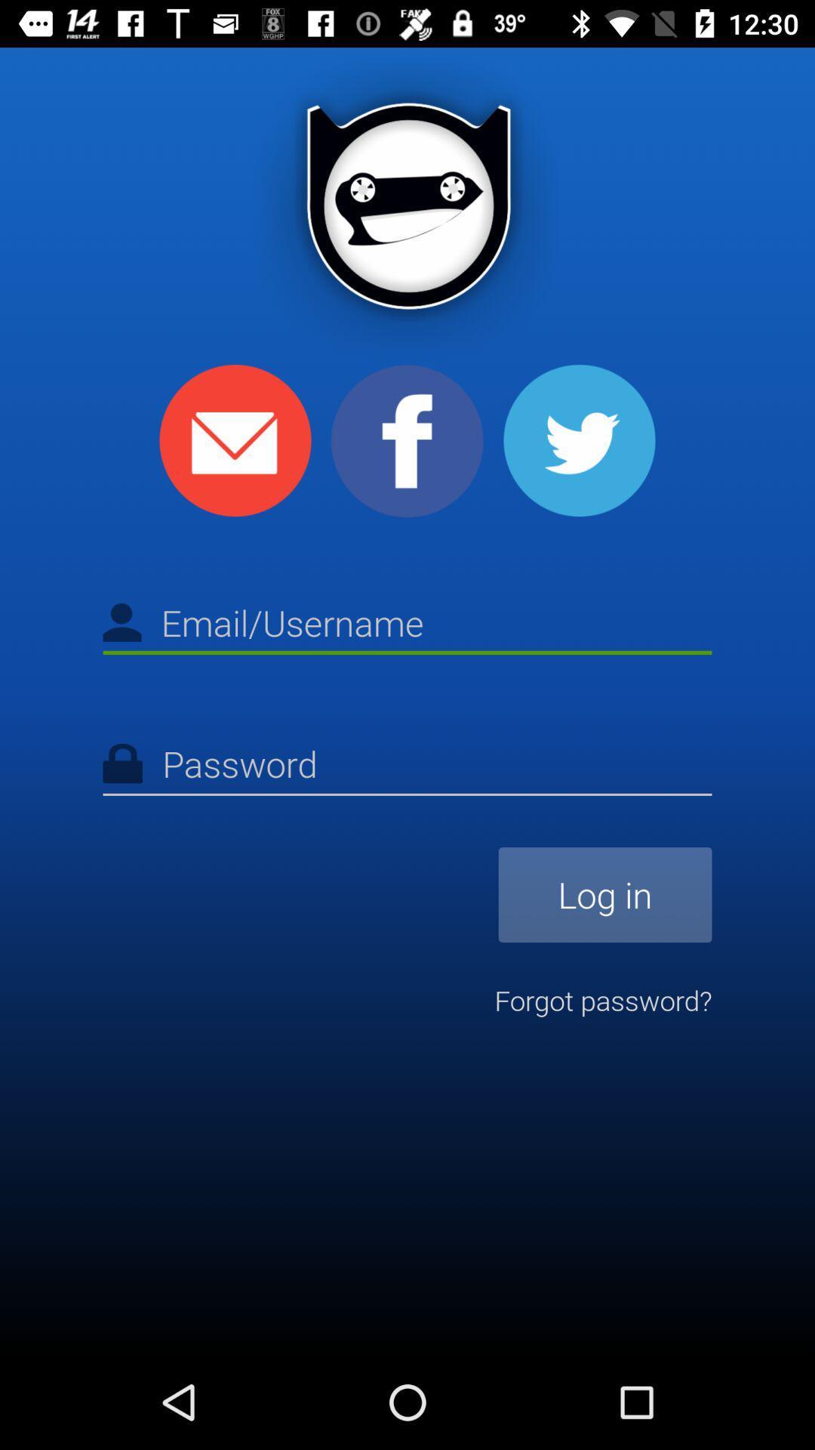 The height and width of the screenshot is (1450, 815). What do you see at coordinates (578, 440) in the screenshot?
I see `the twitter icon` at bounding box center [578, 440].